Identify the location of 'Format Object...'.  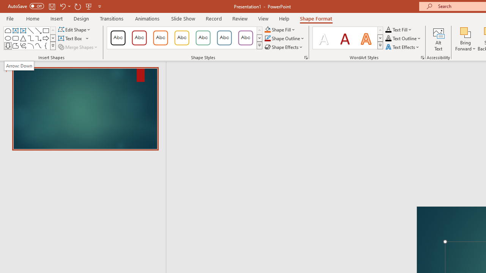
(306, 57).